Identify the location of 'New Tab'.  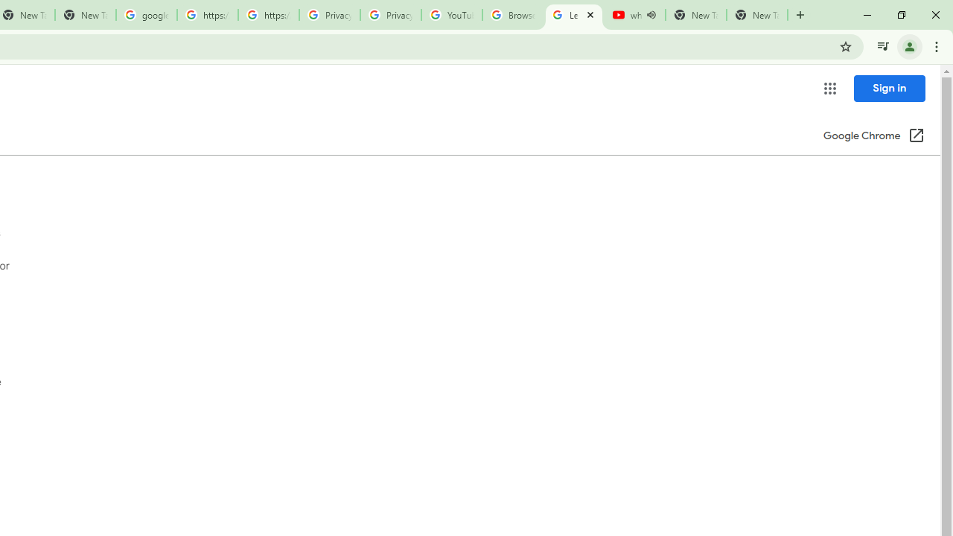
(756, 15).